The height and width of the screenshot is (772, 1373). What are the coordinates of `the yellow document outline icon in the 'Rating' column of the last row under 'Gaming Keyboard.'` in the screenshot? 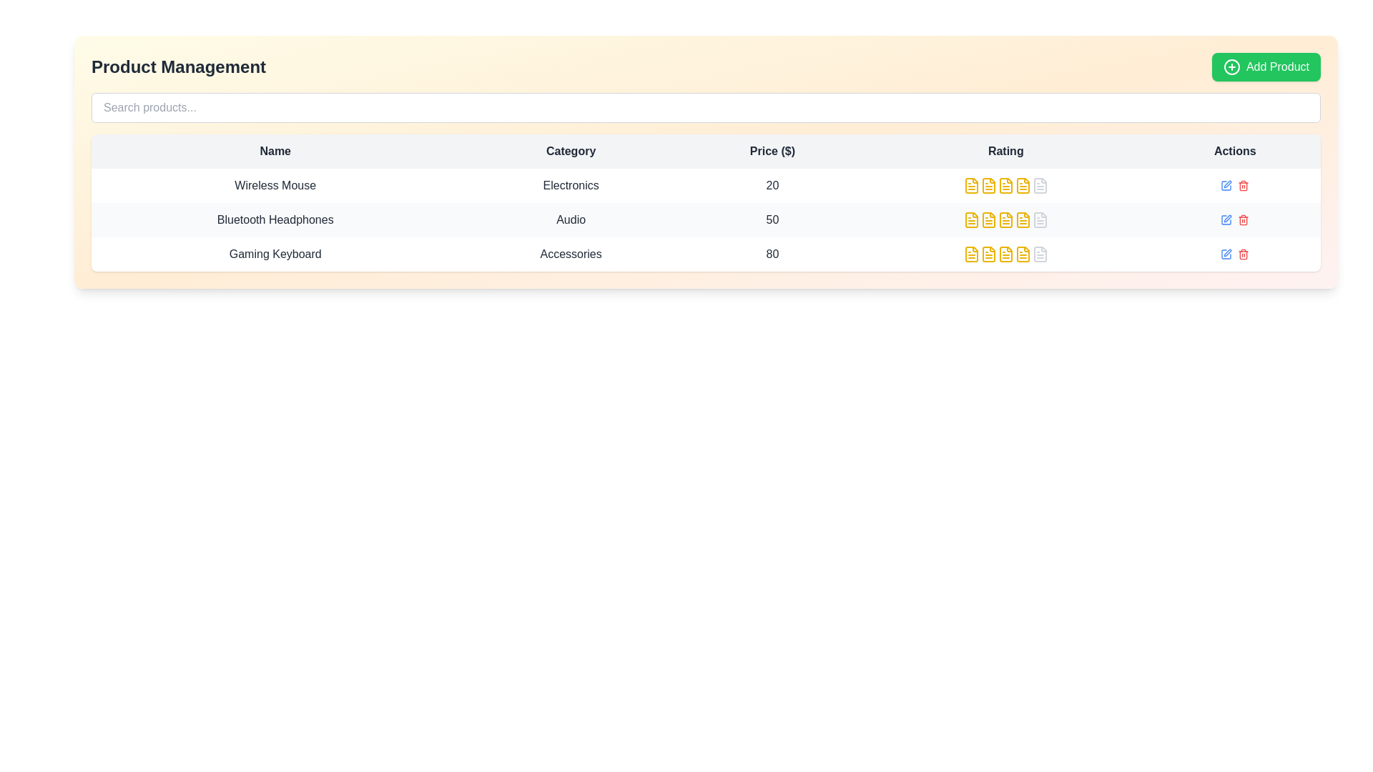 It's located at (988, 253).